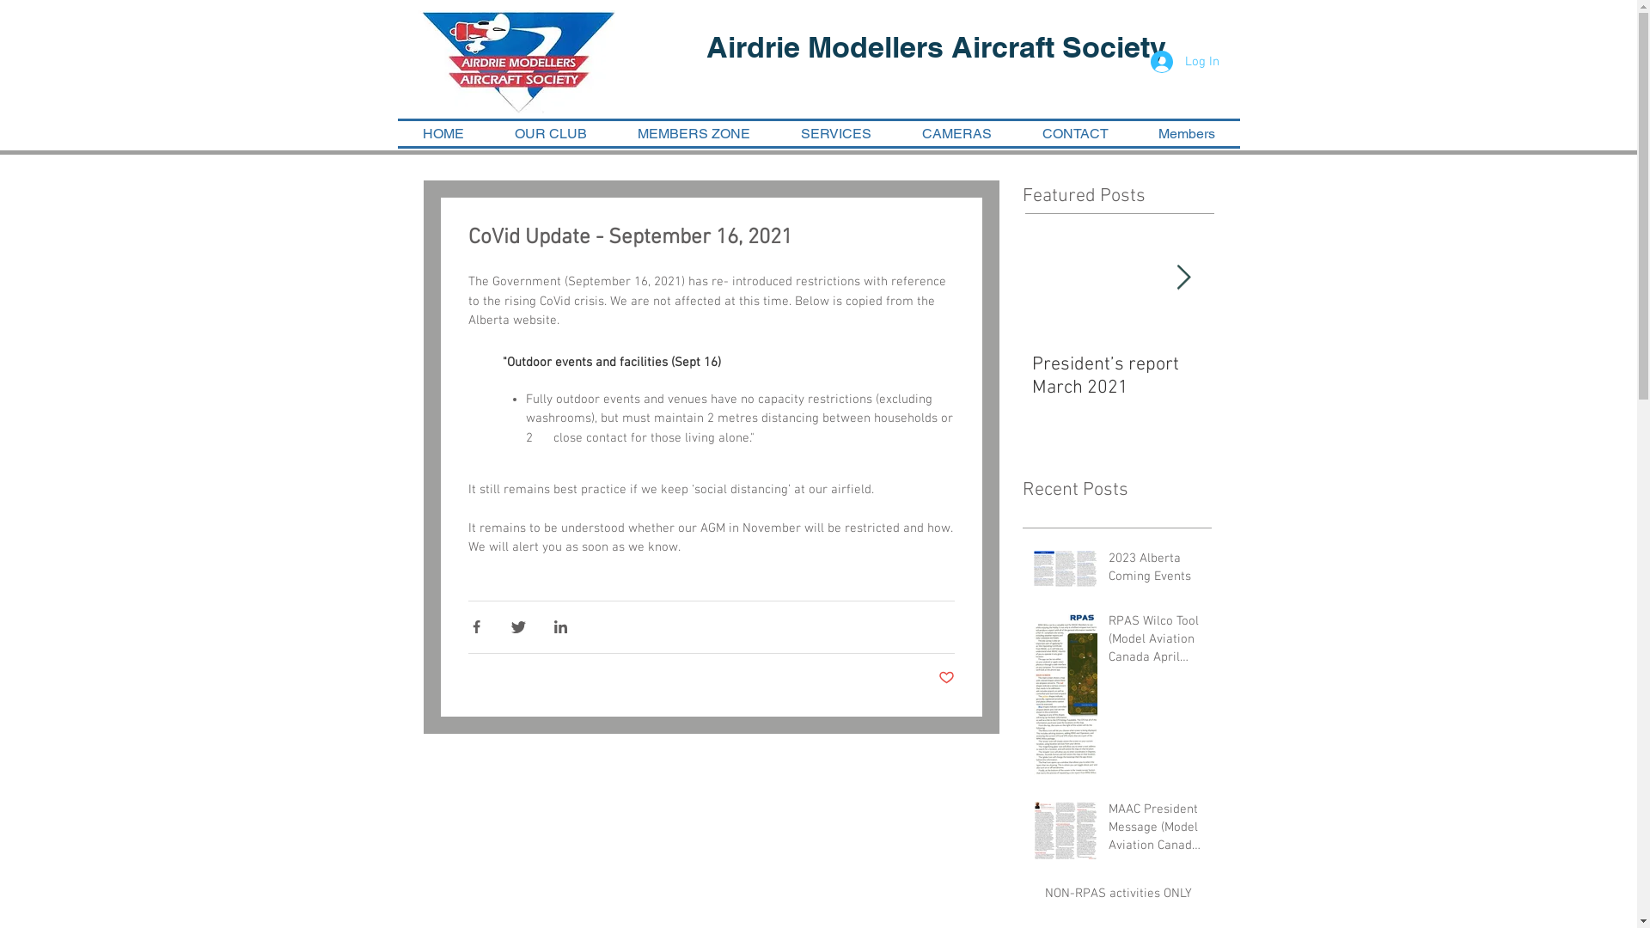  I want to click on 'RPAS Wilco Tool (Model Aviation Canada April 2023)', so click(1155, 643).